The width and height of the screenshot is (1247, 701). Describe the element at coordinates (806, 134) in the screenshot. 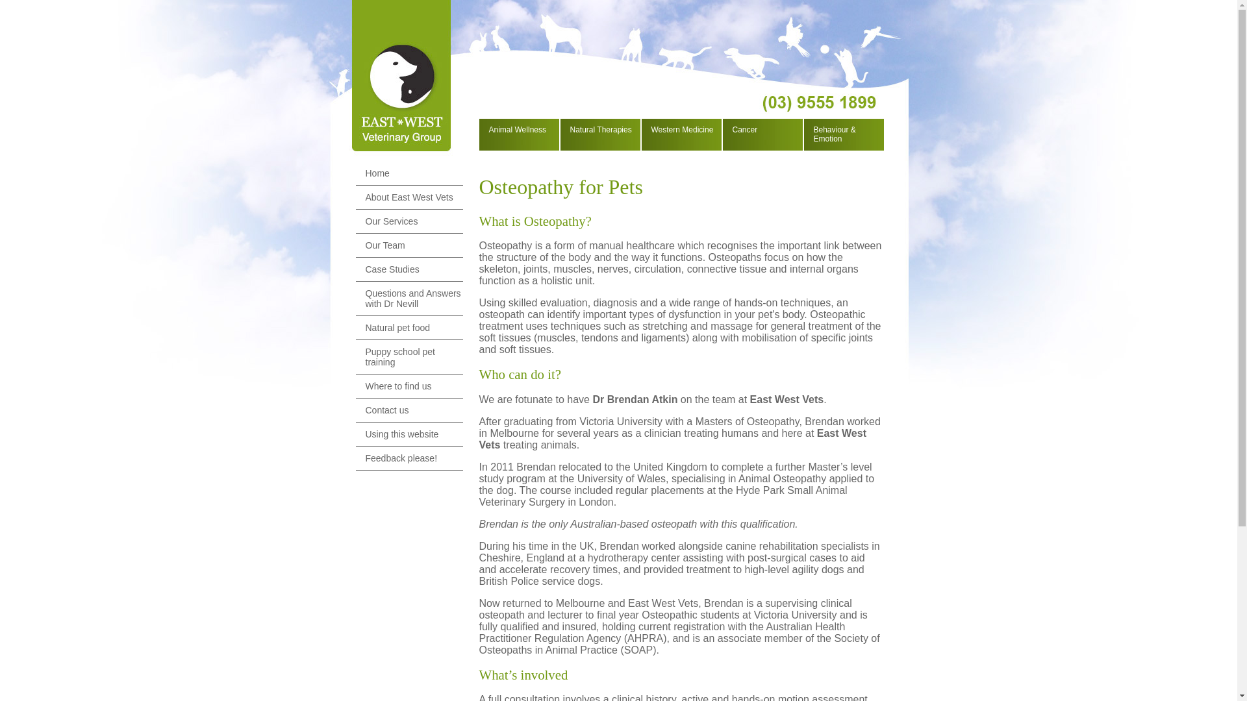

I see `'Behaviour & Emotion'` at that location.